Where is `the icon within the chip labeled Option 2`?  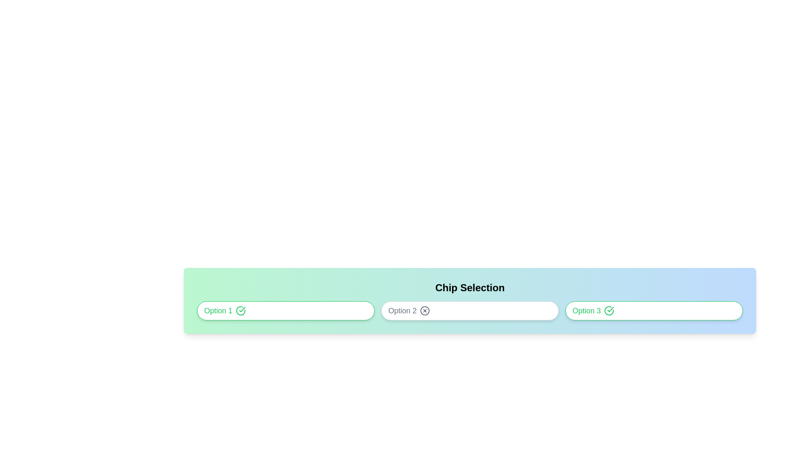 the icon within the chip labeled Option 2 is located at coordinates (425, 310).